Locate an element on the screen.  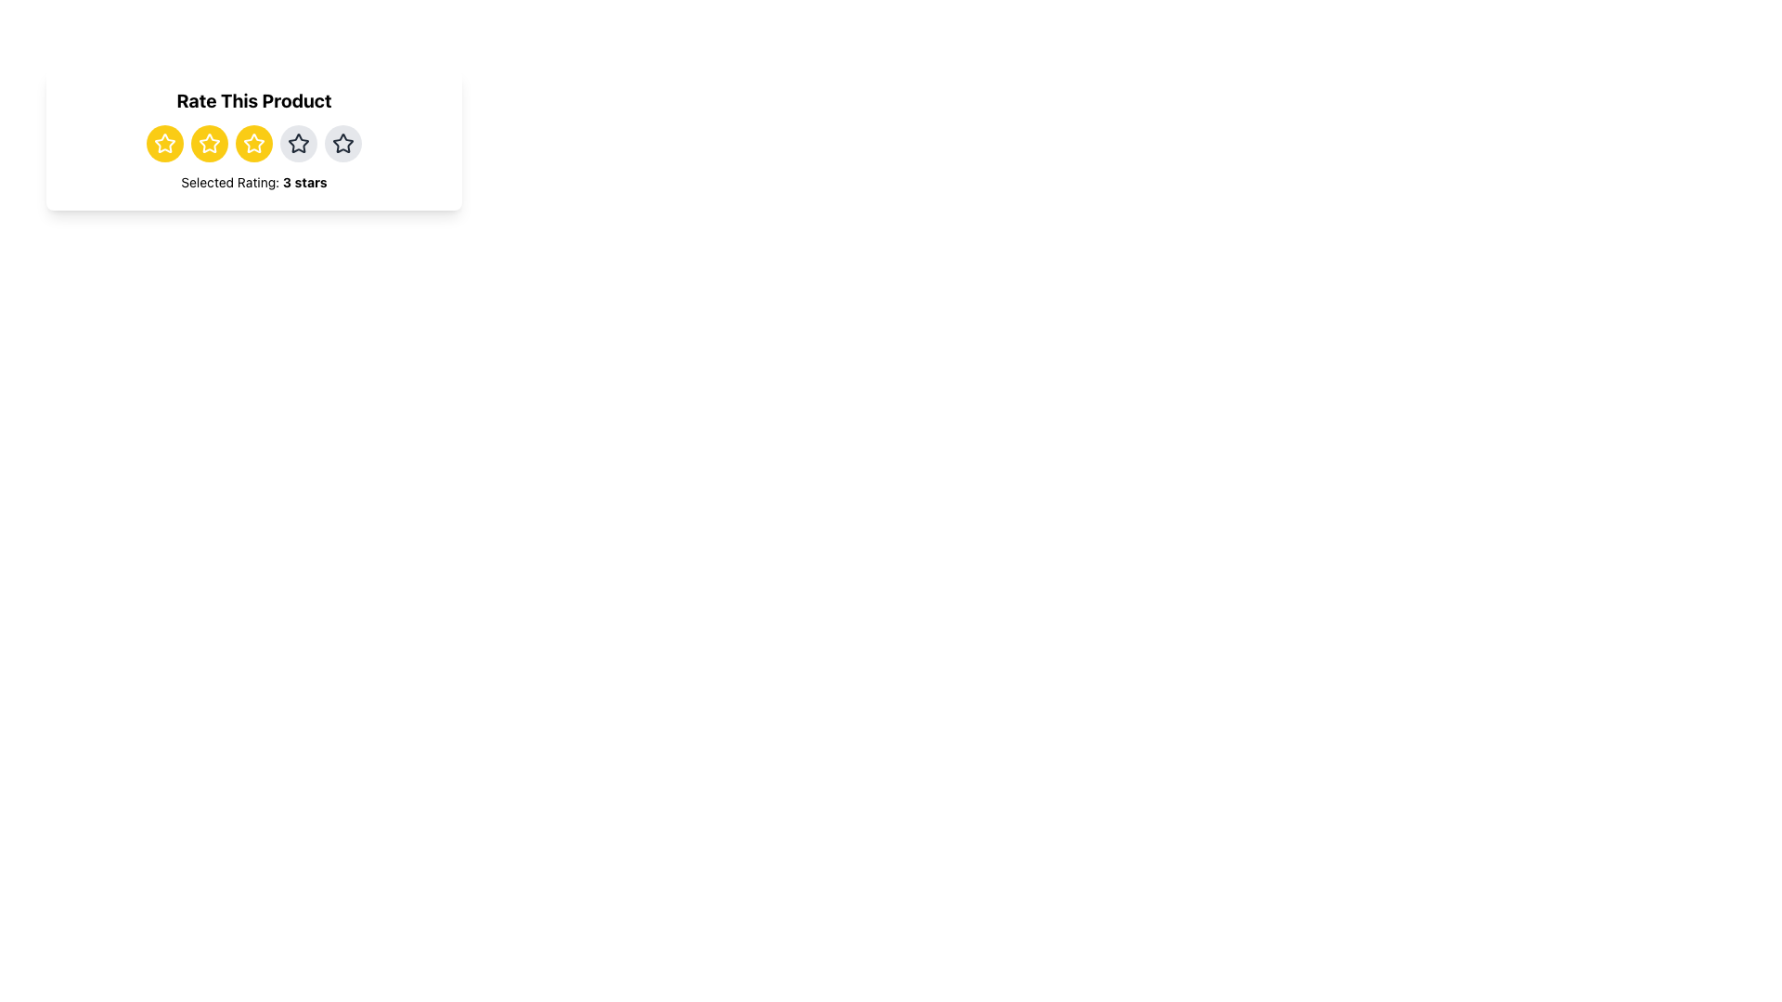
the third star button in the five-star rating system to set the rating to three stars is located at coordinates (252, 142).